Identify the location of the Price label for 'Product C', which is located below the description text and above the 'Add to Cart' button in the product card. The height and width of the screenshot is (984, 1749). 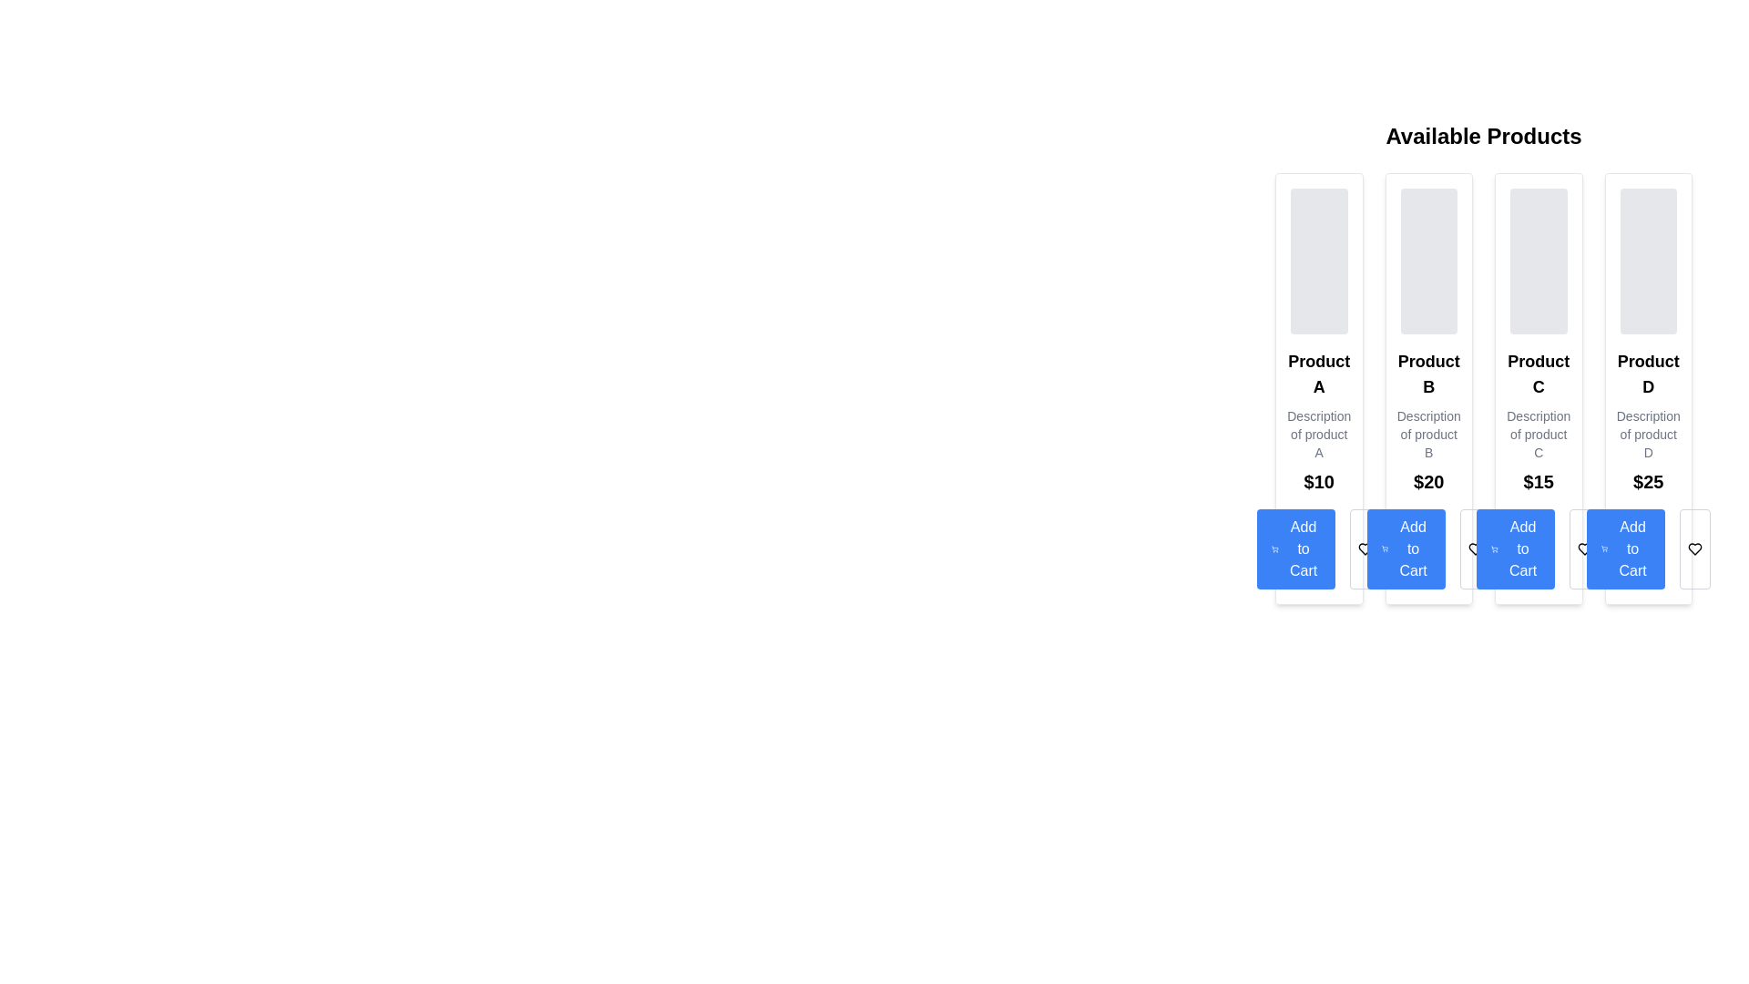
(1538, 480).